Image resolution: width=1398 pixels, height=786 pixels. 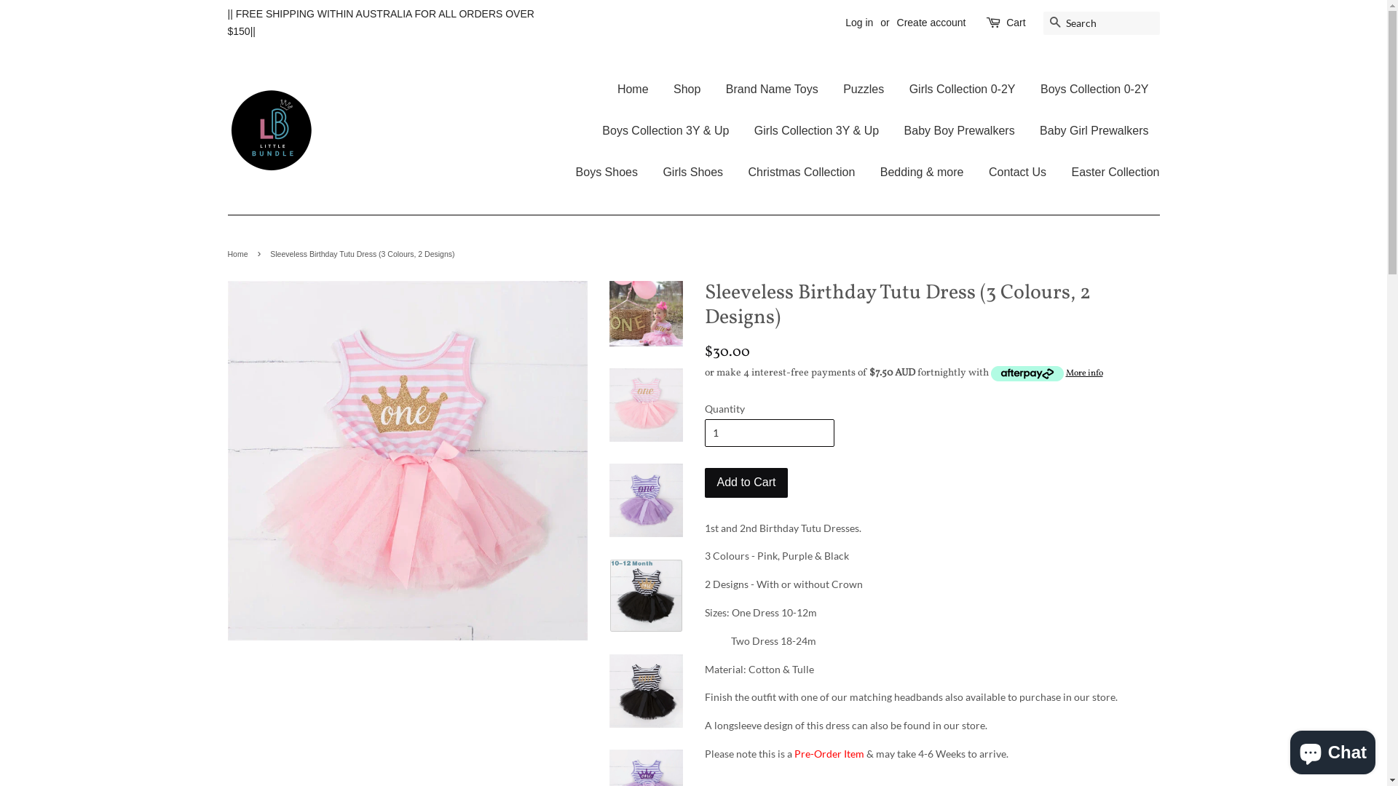 I want to click on 'Contact Us', so click(x=978, y=171).